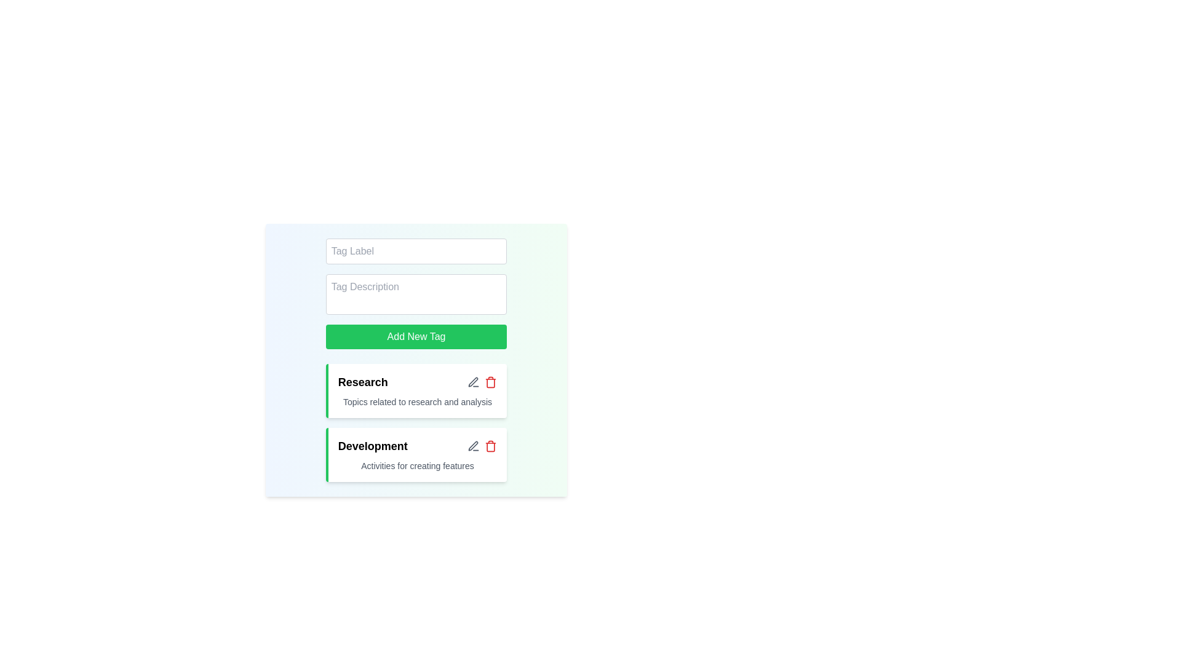 The height and width of the screenshot is (664, 1181). I want to click on the red trash icon that indicates a delete action, located to the right of the 'Development' tag, so click(490, 447).